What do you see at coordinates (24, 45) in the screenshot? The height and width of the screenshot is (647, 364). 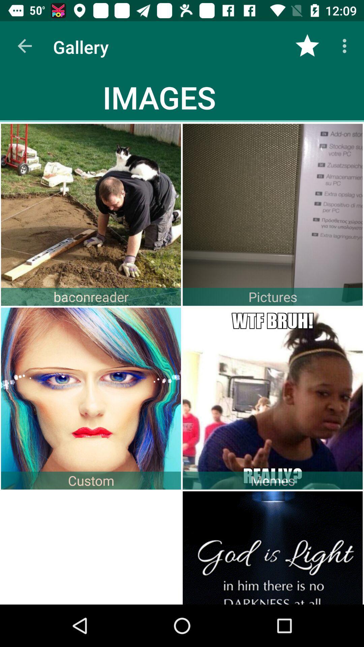 I see `app to the left of gallery app` at bounding box center [24, 45].